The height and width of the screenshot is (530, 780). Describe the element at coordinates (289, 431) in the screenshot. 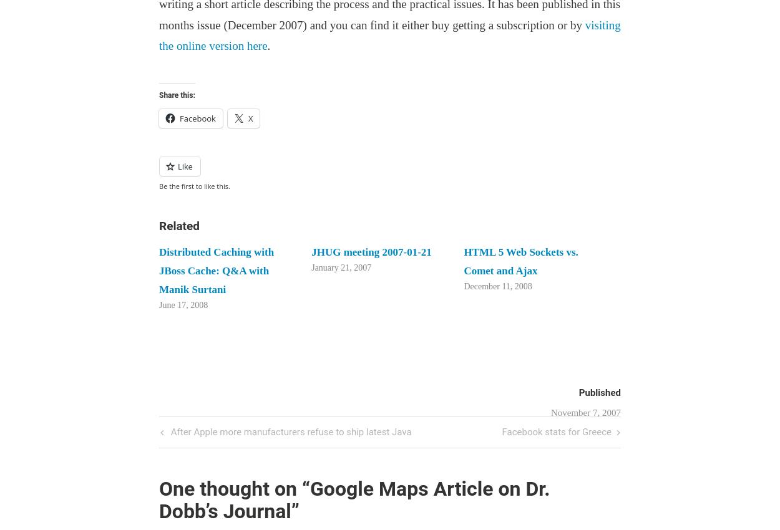

I see `'After Apple more manufacturers refuse to ship latest Java'` at that location.